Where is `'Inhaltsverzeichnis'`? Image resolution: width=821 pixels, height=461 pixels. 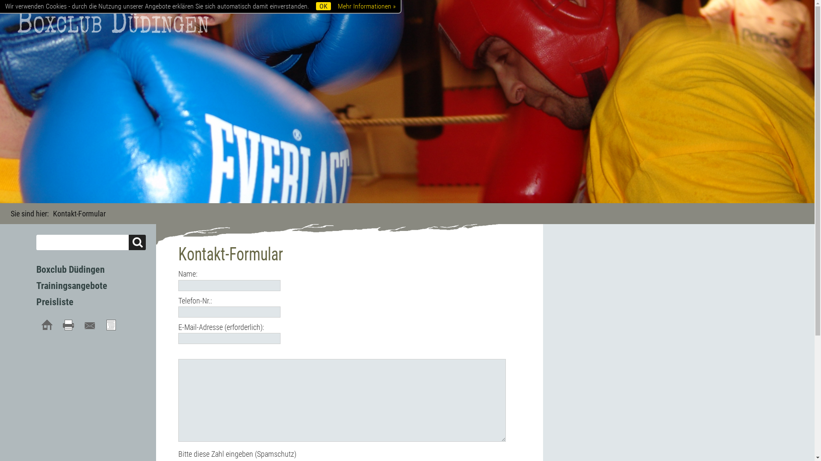 'Inhaltsverzeichnis' is located at coordinates (110, 325).